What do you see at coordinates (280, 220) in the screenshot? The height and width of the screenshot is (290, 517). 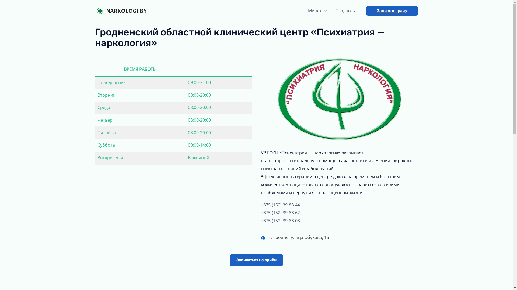 I see `'+375 (152) 39-83-03'` at bounding box center [280, 220].